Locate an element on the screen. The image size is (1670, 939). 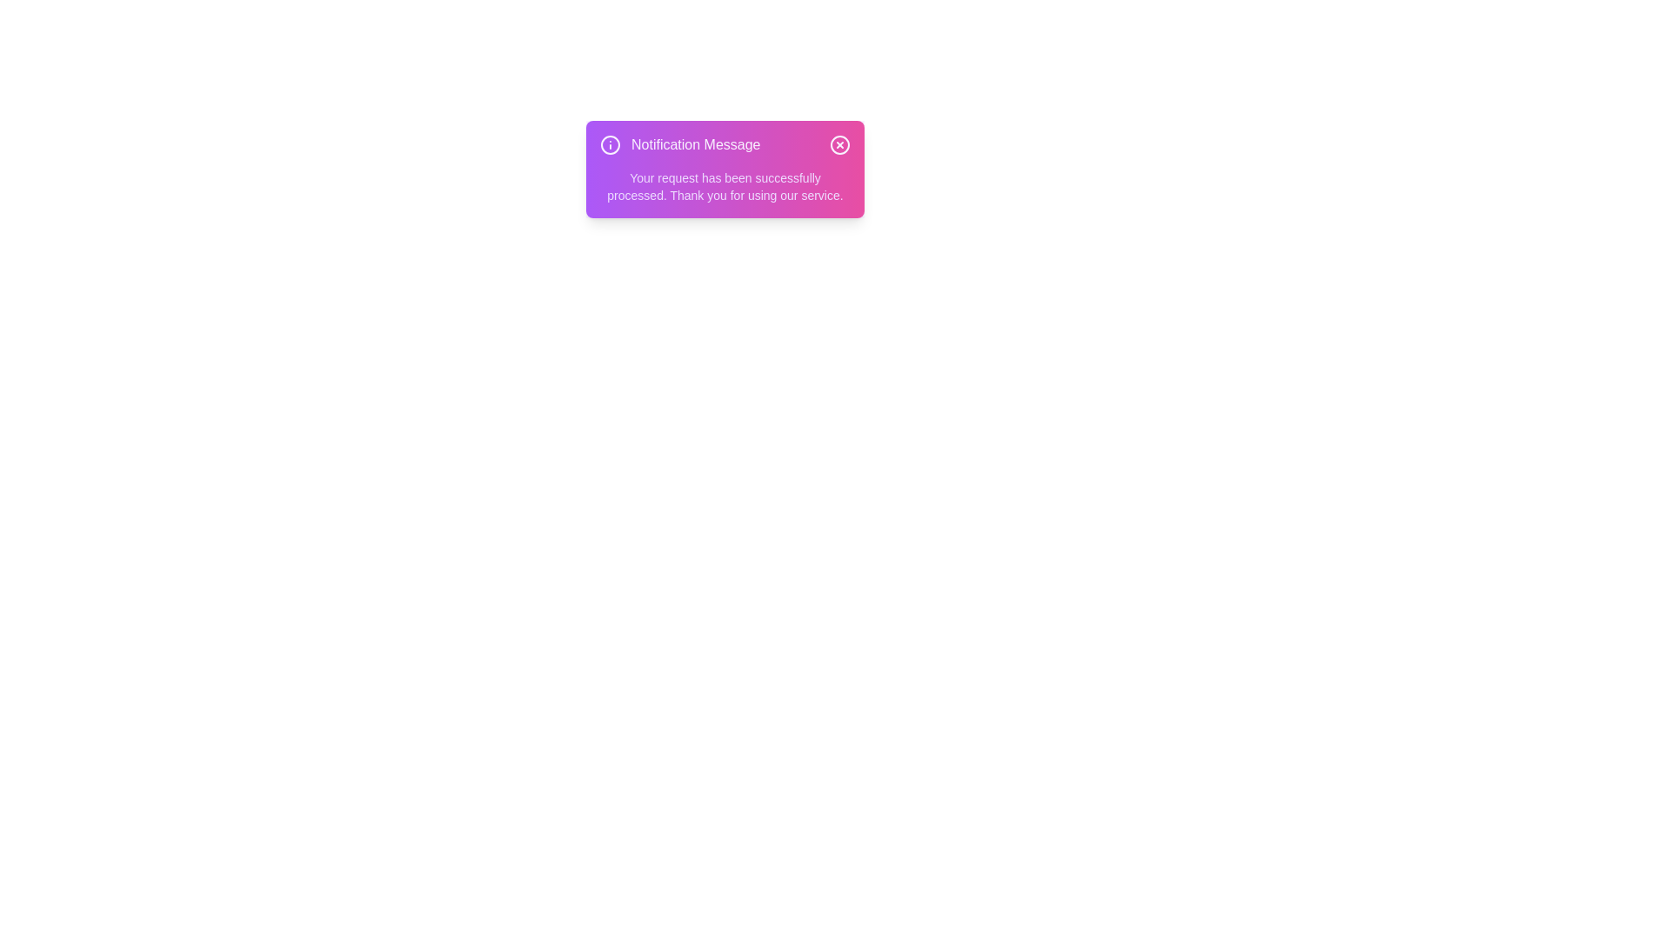
the circular graphic icon with a purple border and white fill, which is centered within the information icon on the left side of the notification card is located at coordinates (610, 143).